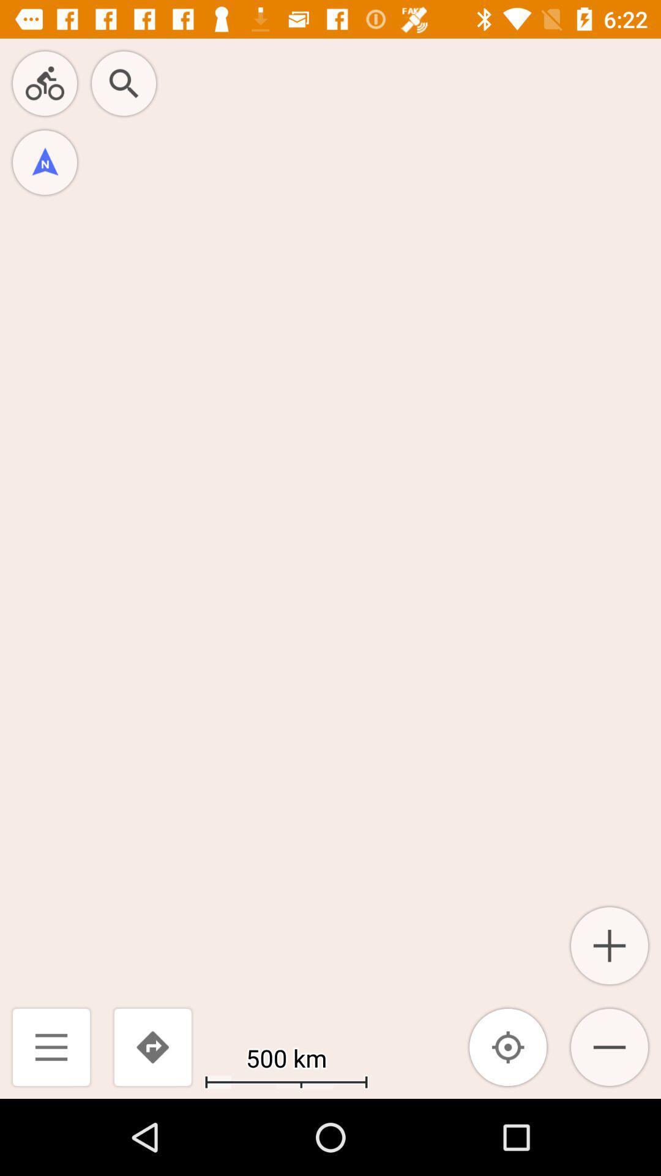 The width and height of the screenshot is (661, 1176). I want to click on the location_crosshair icon, so click(508, 1046).